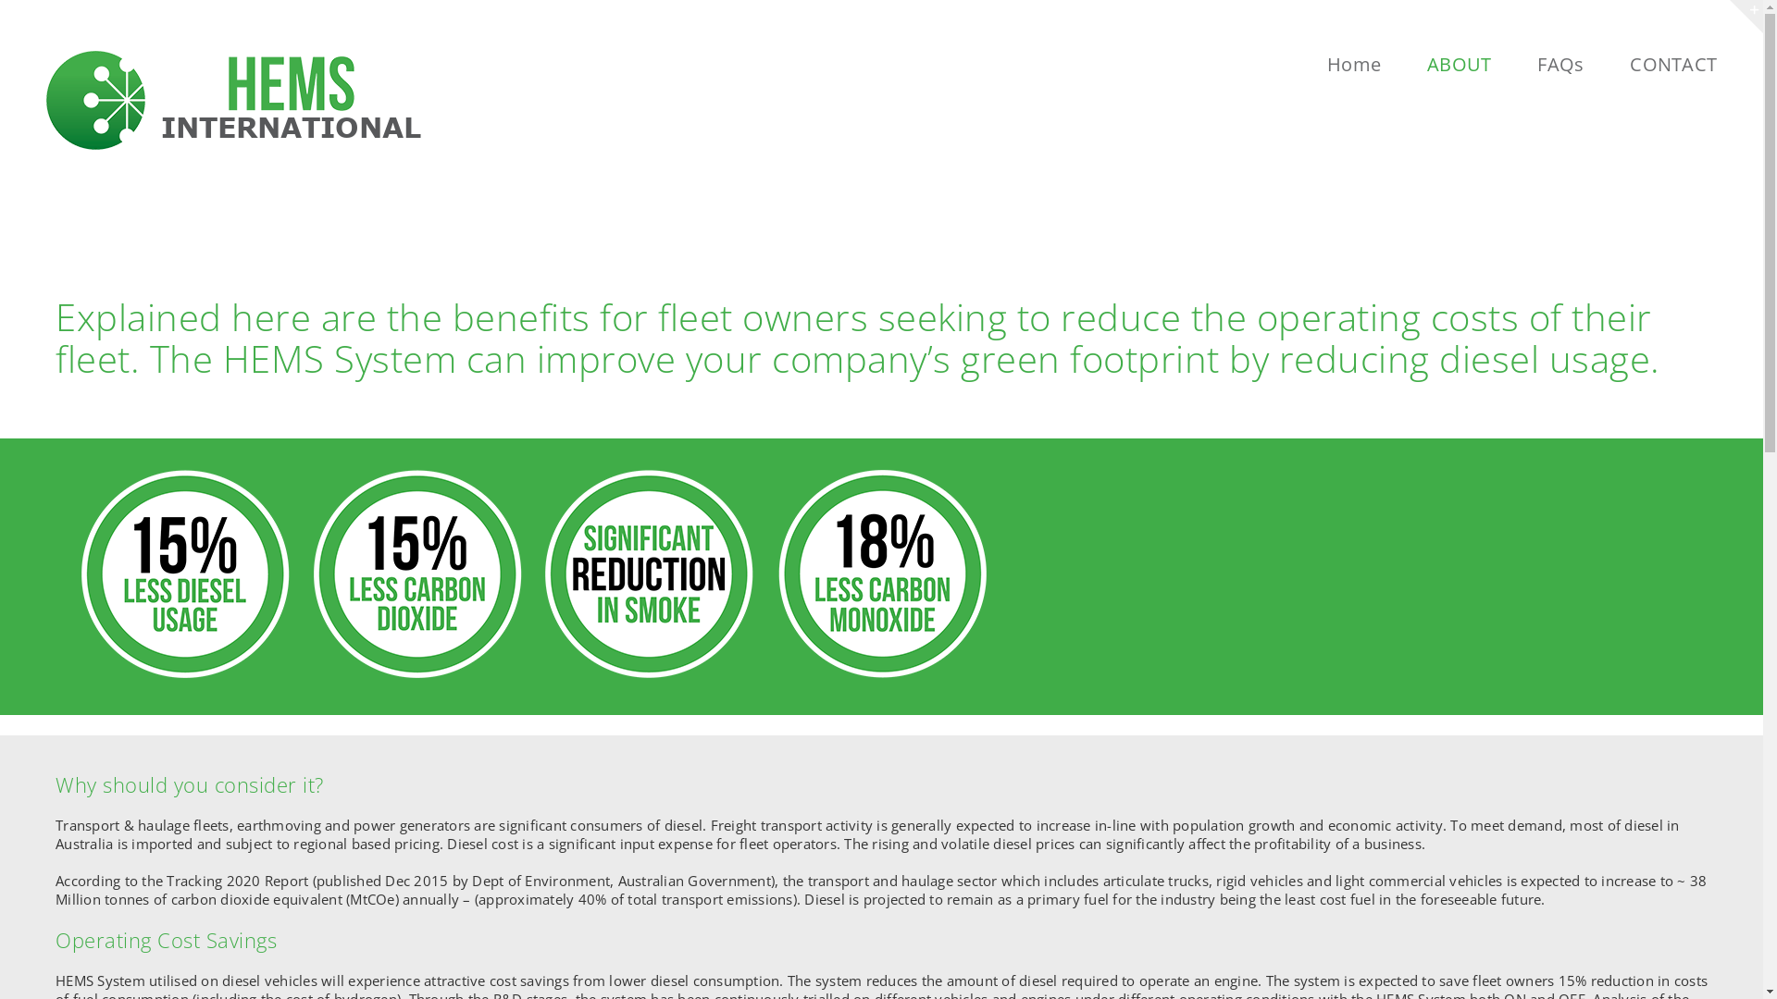 The width and height of the screenshot is (1777, 999). Describe the element at coordinates (1458, 63) in the screenshot. I see `'ABOUT'` at that location.